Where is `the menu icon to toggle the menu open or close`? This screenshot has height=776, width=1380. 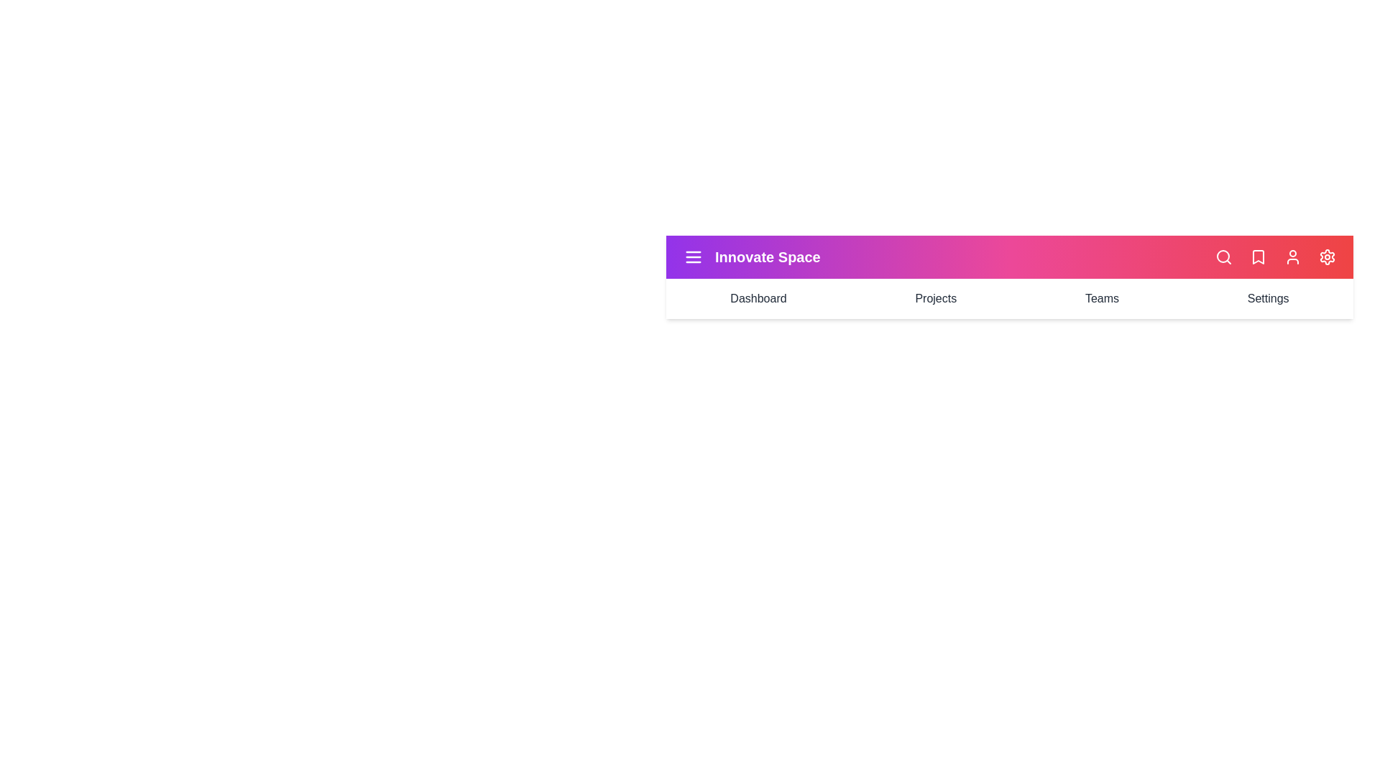 the menu icon to toggle the menu open or close is located at coordinates (693, 257).